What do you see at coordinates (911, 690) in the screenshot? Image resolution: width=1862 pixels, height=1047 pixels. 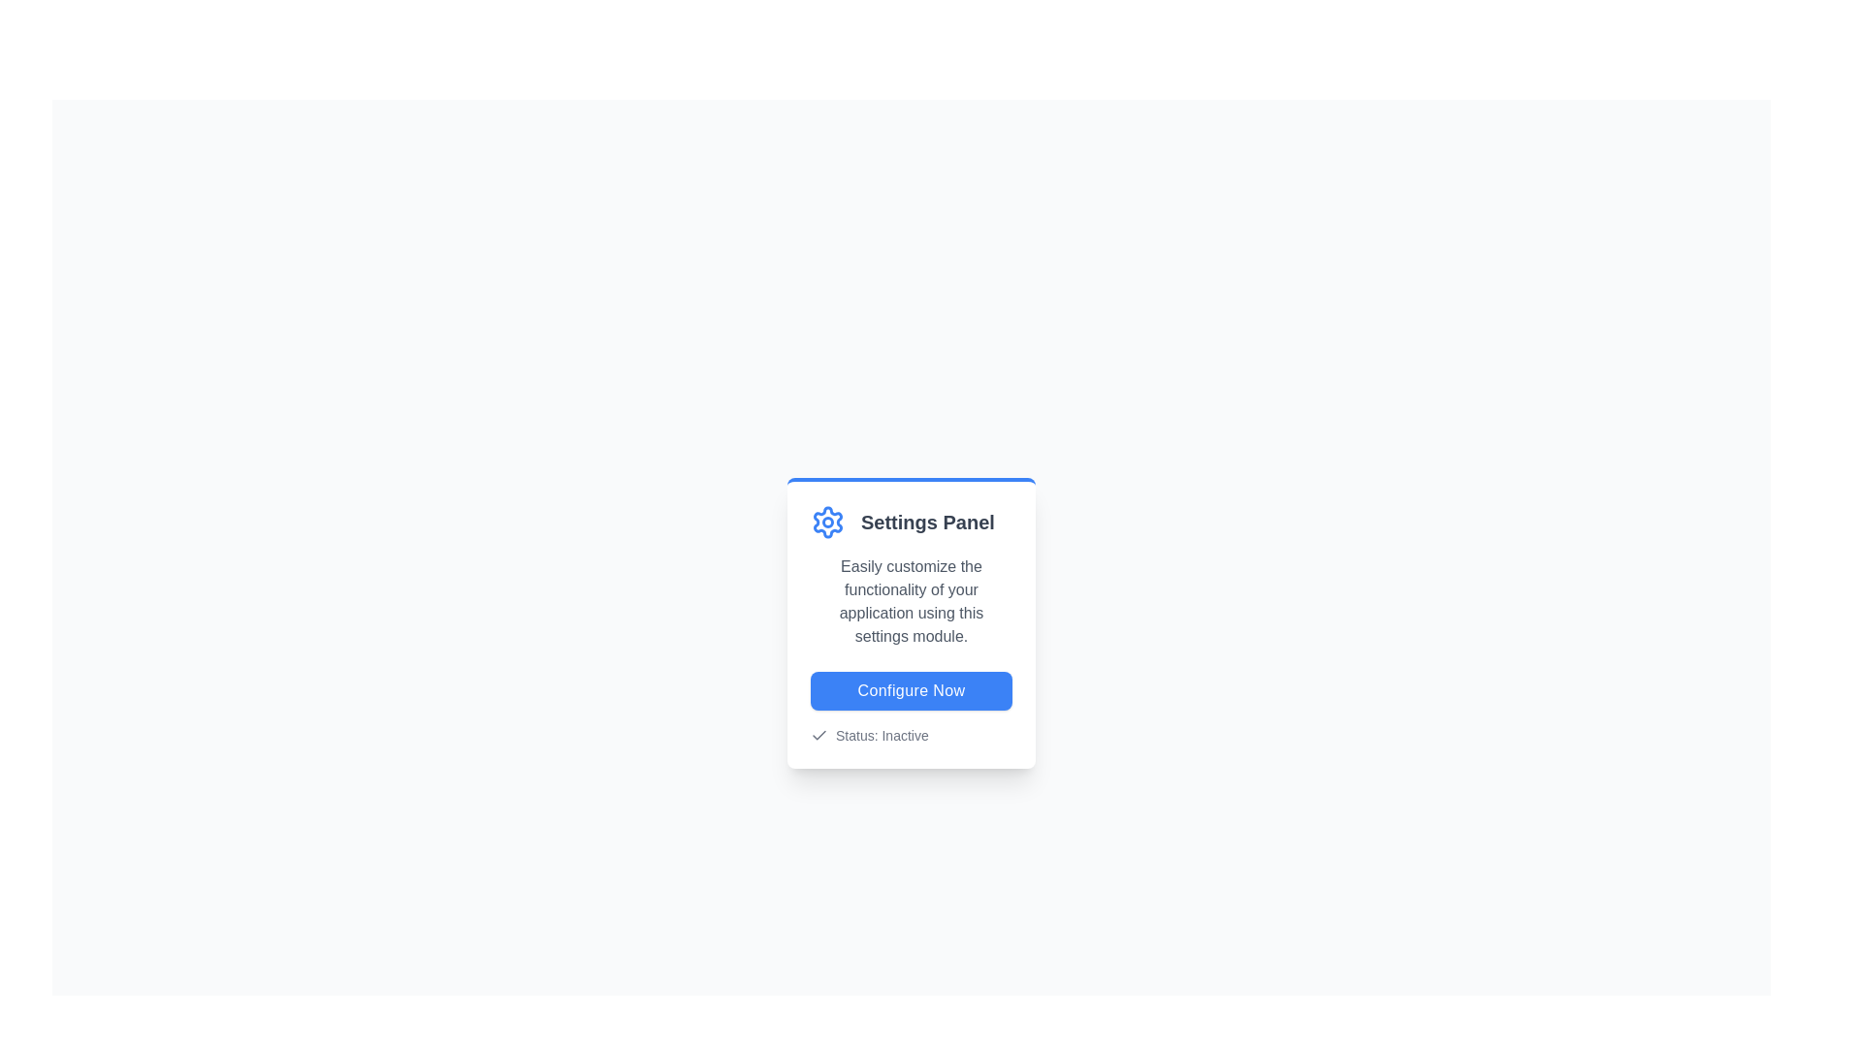 I see `the 'Configure Now' button with a blue background and white text located in the 'Settings Panel'` at bounding box center [911, 690].